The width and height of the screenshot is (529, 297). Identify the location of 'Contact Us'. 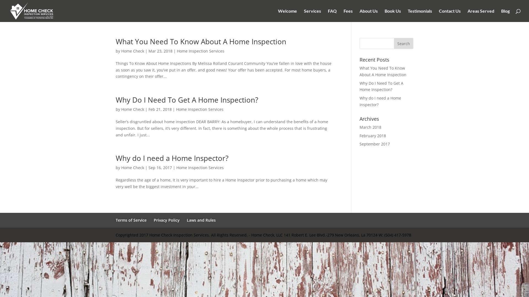
(450, 15).